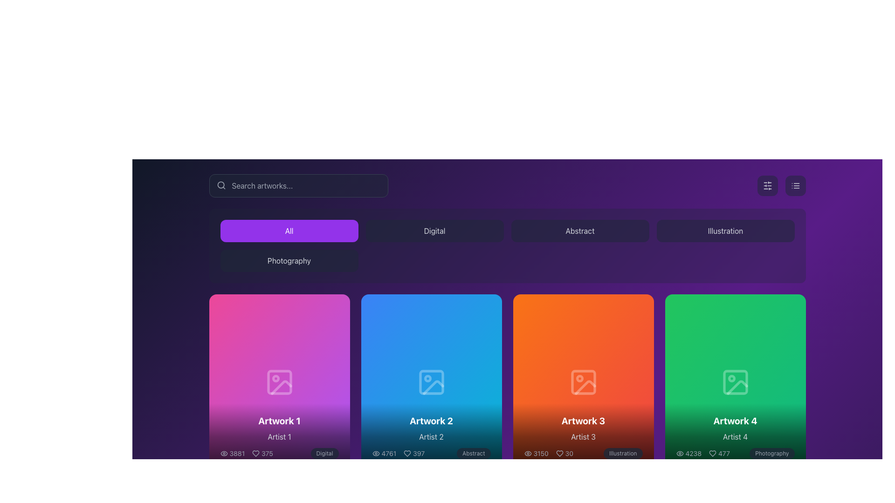 The image size is (895, 503). Describe the element at coordinates (712, 453) in the screenshot. I see `the heart icon located at the center of the heart symbol in the fourth artwork card titled 'Artwork 4' by 'Artist 4' to like or favorite the associated item` at that location.